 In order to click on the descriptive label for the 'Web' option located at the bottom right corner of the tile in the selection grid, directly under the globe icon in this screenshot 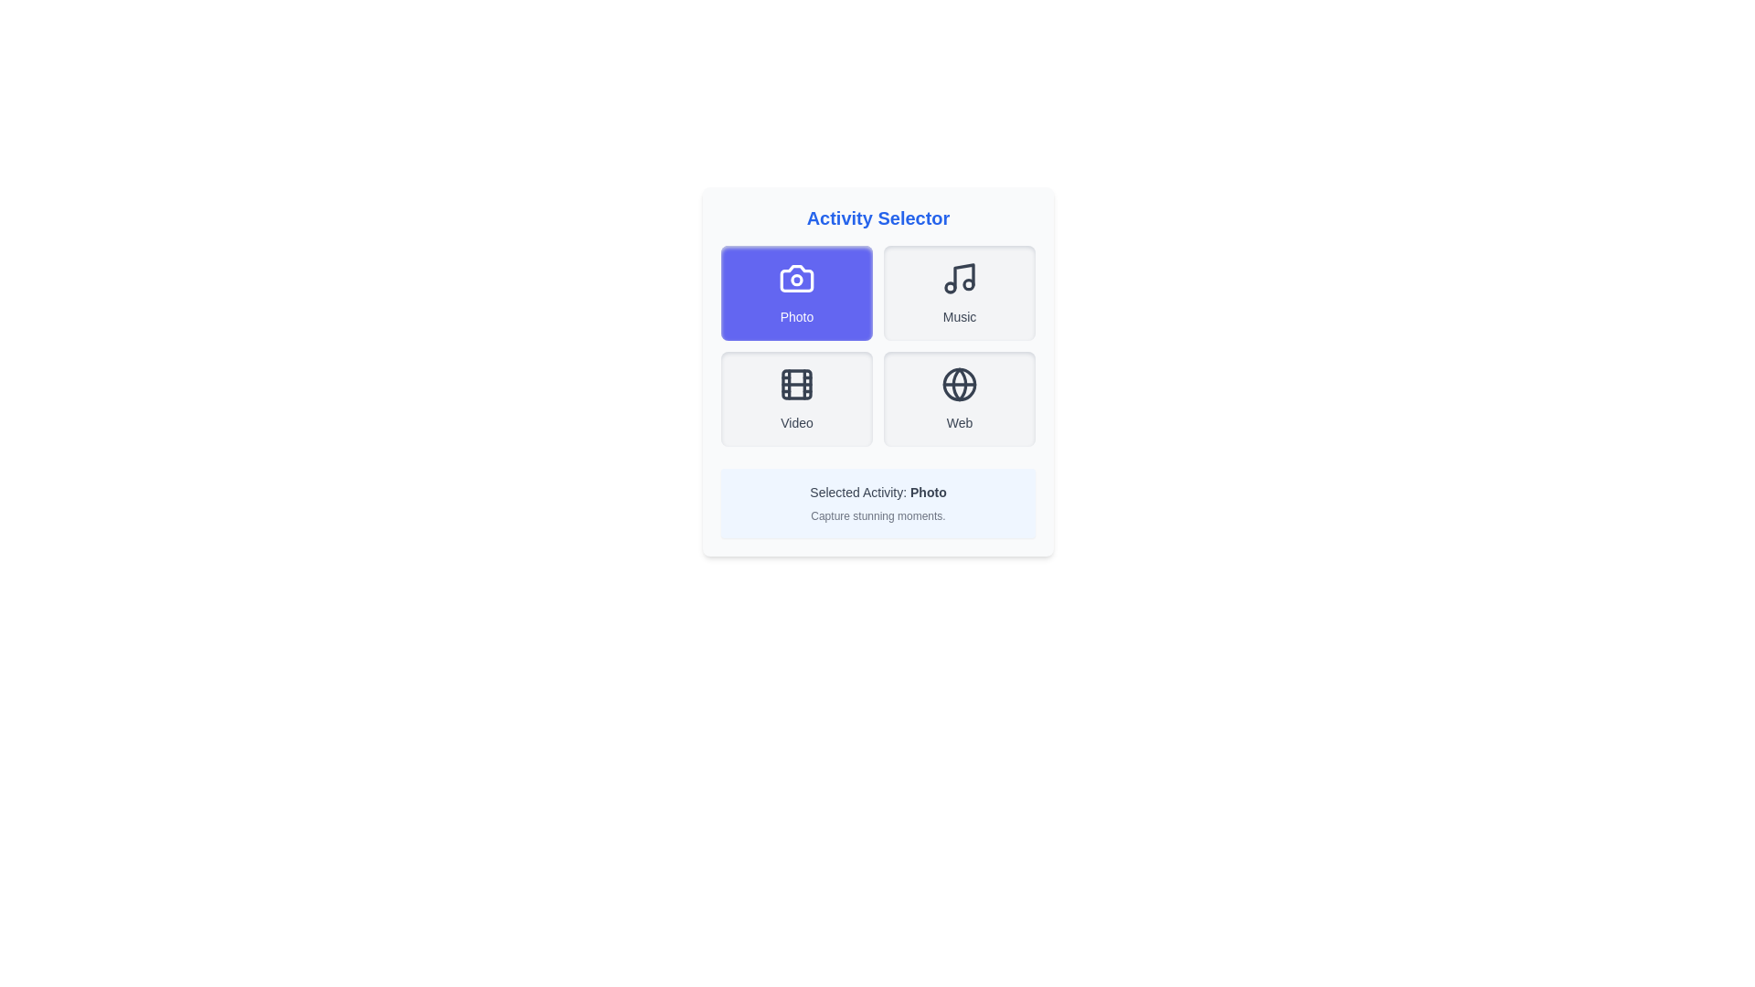, I will do `click(959, 422)`.